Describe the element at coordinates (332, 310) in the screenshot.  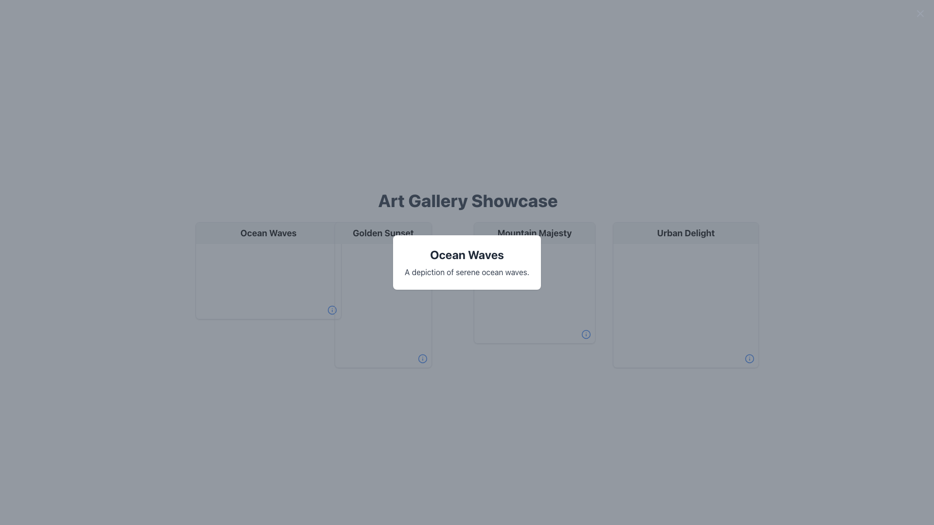
I see `the interactive 'information' icon button located at the bottom-right corner inside the 'Ocean Waves' card` at that location.